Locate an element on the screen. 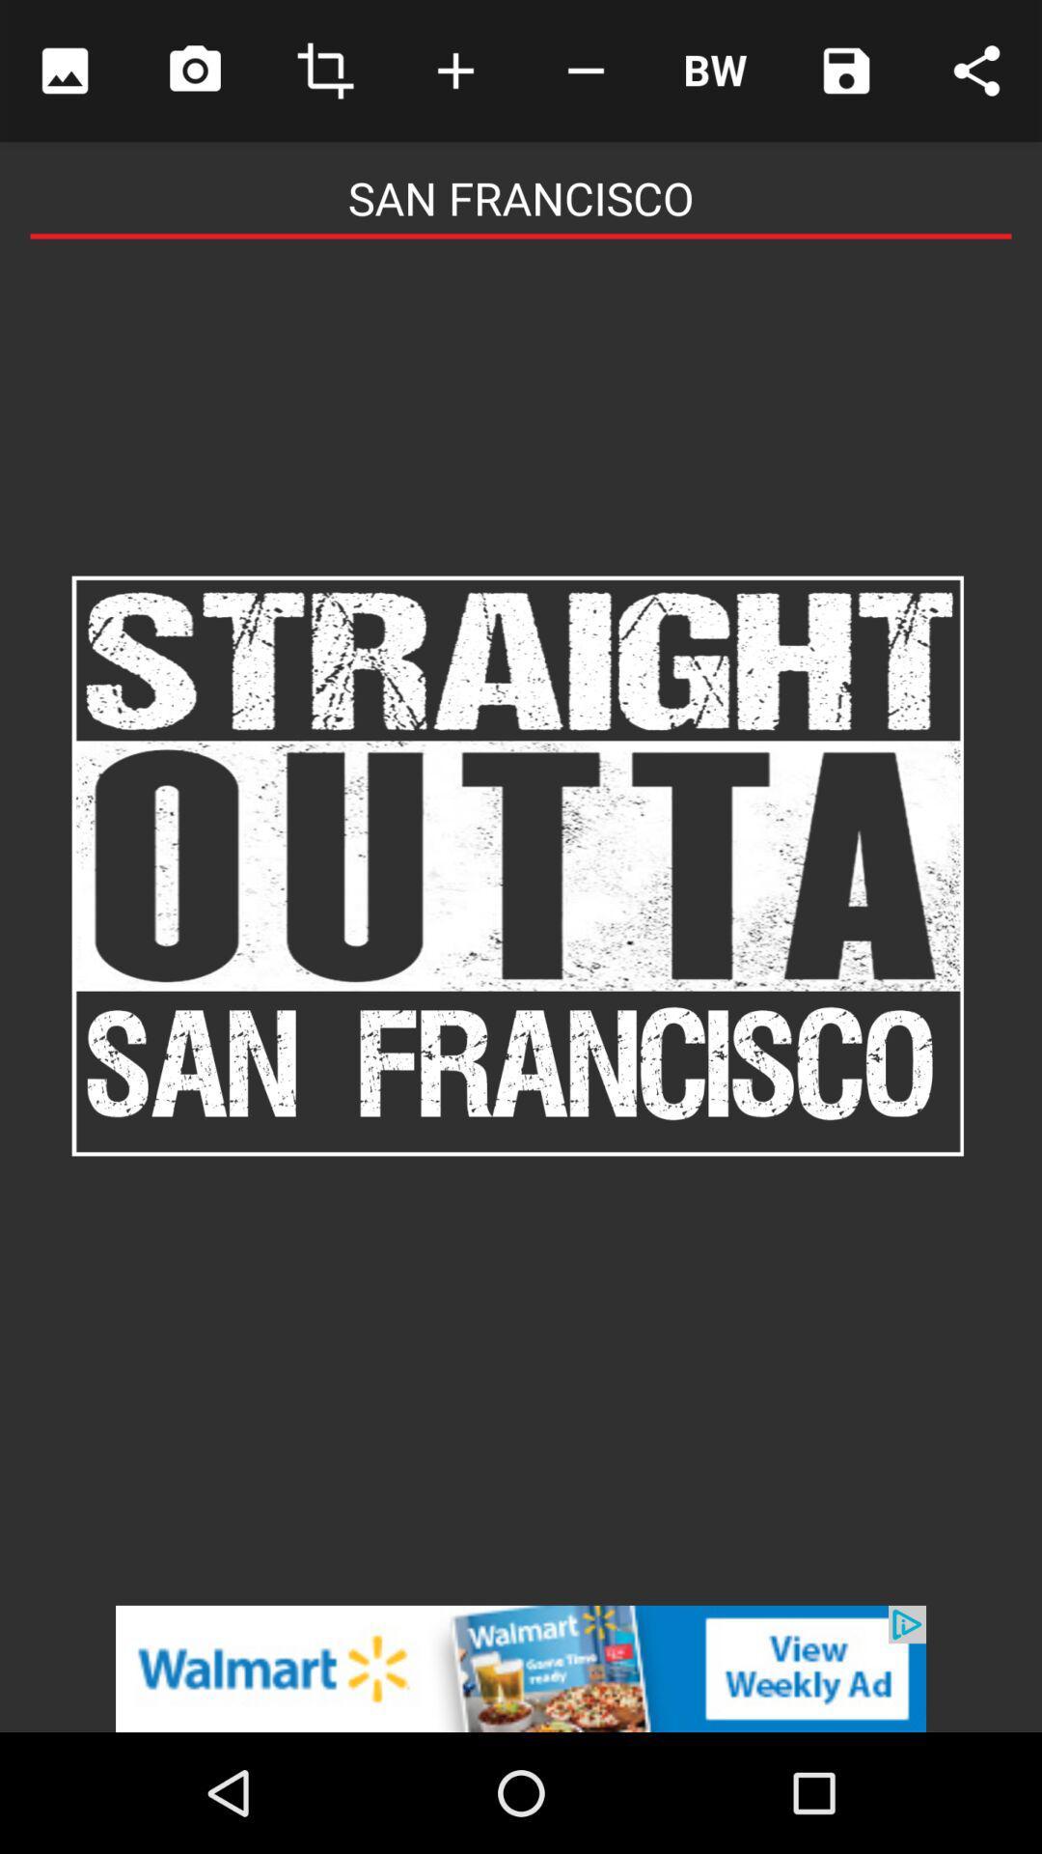 The image size is (1042, 1854). the wallpaper icon is located at coordinates (64, 70).